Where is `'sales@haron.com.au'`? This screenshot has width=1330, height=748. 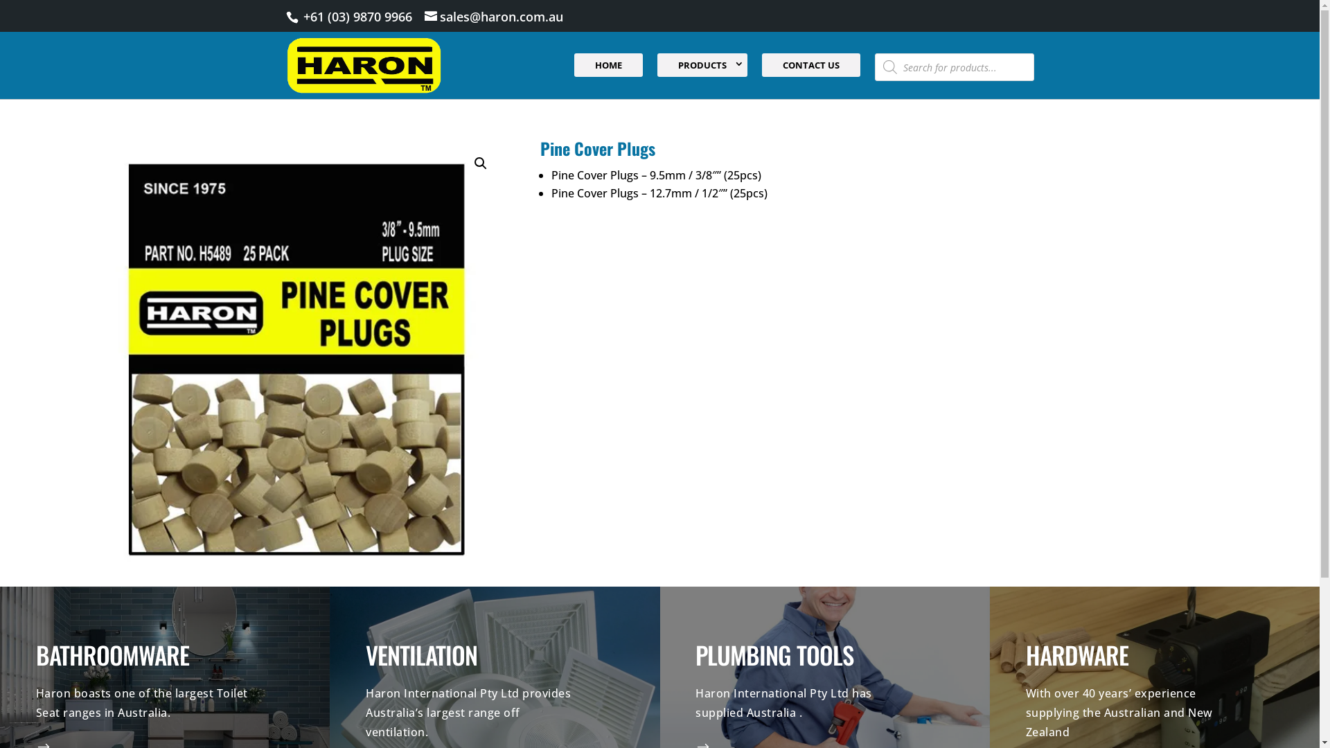
'sales@haron.com.au' is located at coordinates (493, 16).